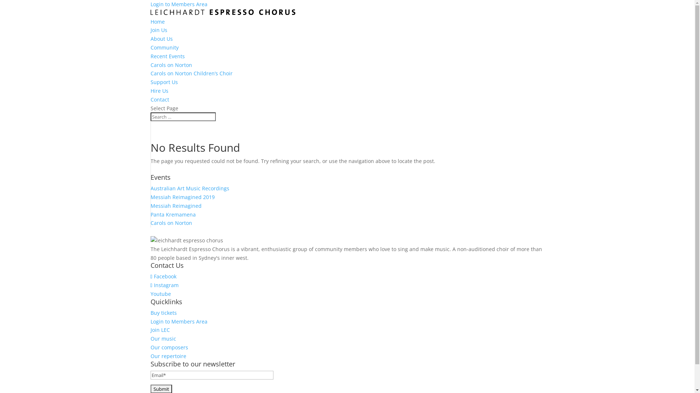 This screenshot has height=393, width=700. What do you see at coordinates (159, 99) in the screenshot?
I see `'Contact'` at bounding box center [159, 99].